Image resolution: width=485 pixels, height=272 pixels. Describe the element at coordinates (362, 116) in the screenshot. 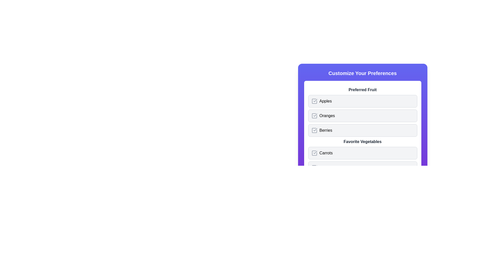

I see `the 'Oranges' selectable list item with a checkbox` at that location.